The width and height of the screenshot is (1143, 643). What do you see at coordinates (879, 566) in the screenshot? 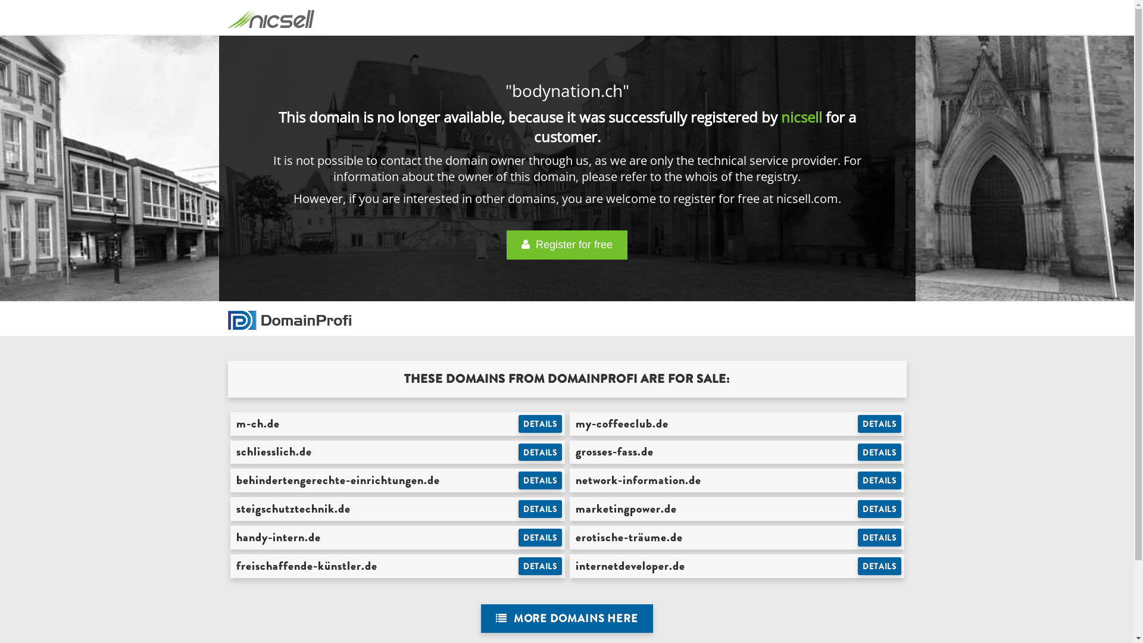
I see `'DETAILS'` at bounding box center [879, 566].